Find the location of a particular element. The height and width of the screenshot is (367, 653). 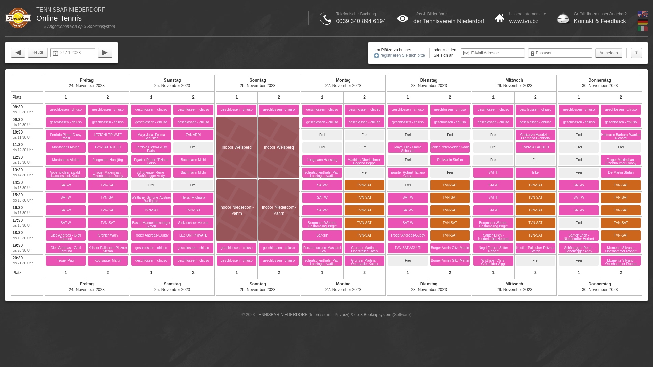

'Troger Maximilian-Elzenbaumer Robby' is located at coordinates (621, 160).